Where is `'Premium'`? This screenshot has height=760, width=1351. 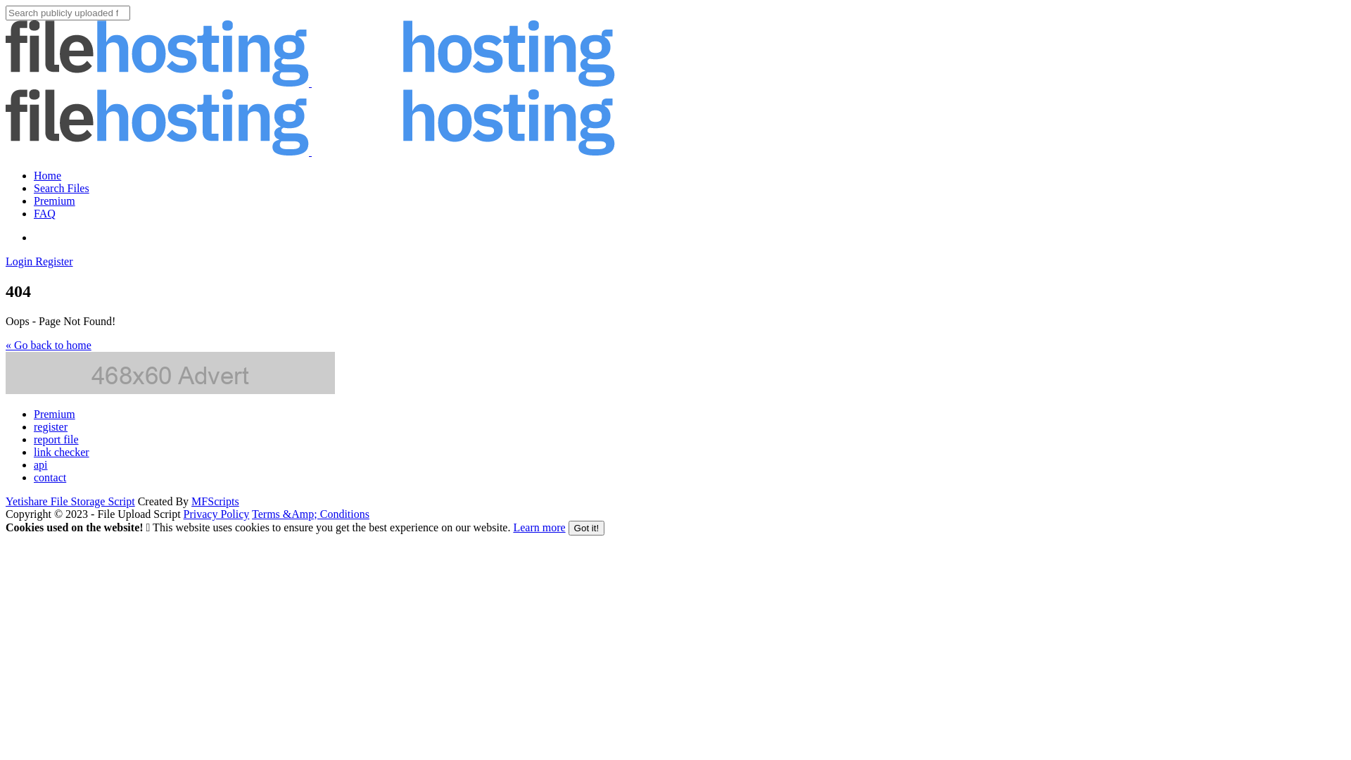
'Premium' is located at coordinates (54, 413).